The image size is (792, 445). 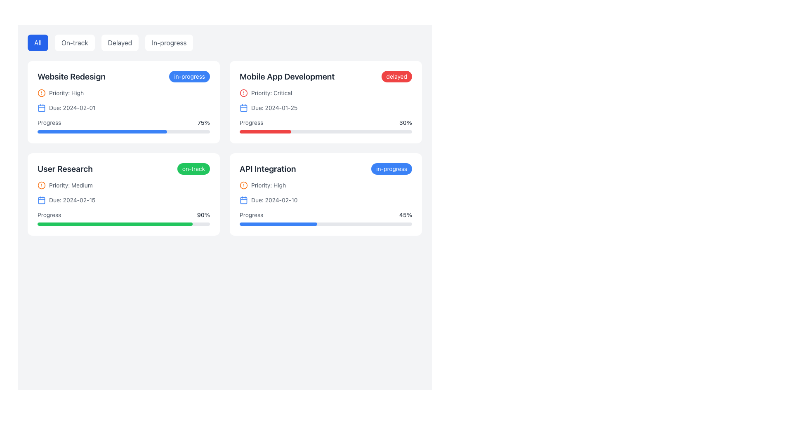 I want to click on the 'Mobile App Development' text with the 'delayed' badge, which is located in the top row, middle column of the grid and features bold text with a red badge, so click(x=325, y=76).